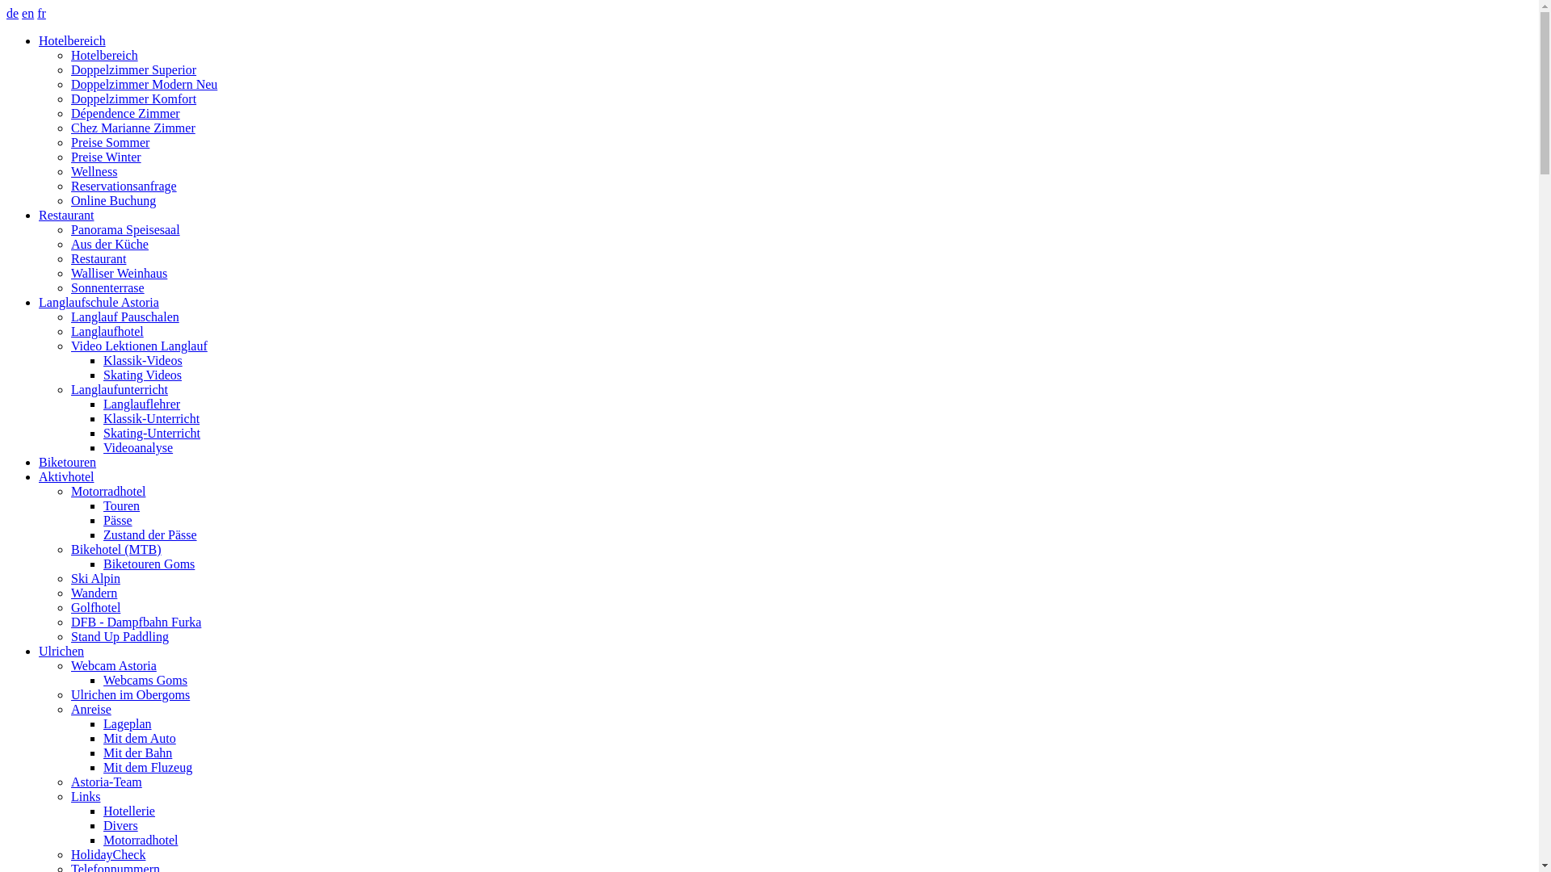 This screenshot has height=872, width=1551. Describe the element at coordinates (127, 723) in the screenshot. I see `'Lageplan'` at that location.